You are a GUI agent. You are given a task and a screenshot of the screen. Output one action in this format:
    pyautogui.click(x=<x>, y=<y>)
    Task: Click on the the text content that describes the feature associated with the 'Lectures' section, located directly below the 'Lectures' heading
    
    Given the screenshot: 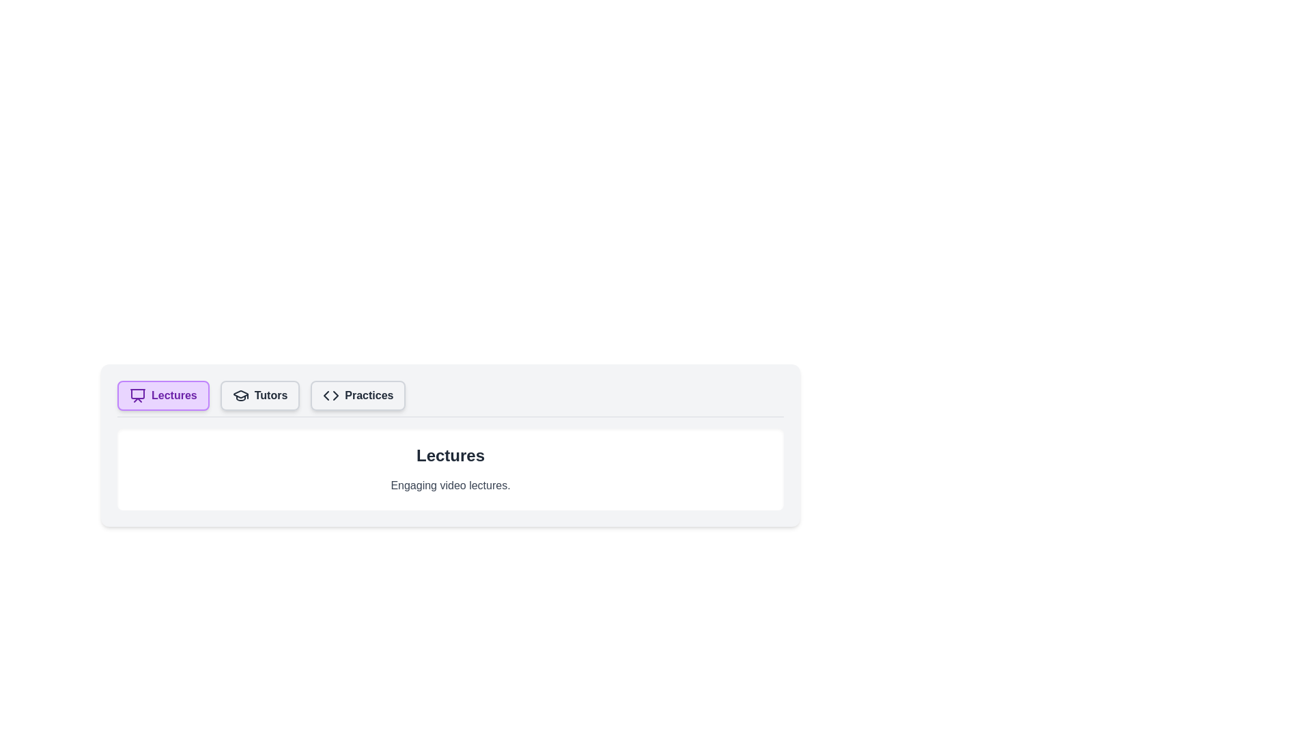 What is the action you would take?
    pyautogui.click(x=451, y=485)
    